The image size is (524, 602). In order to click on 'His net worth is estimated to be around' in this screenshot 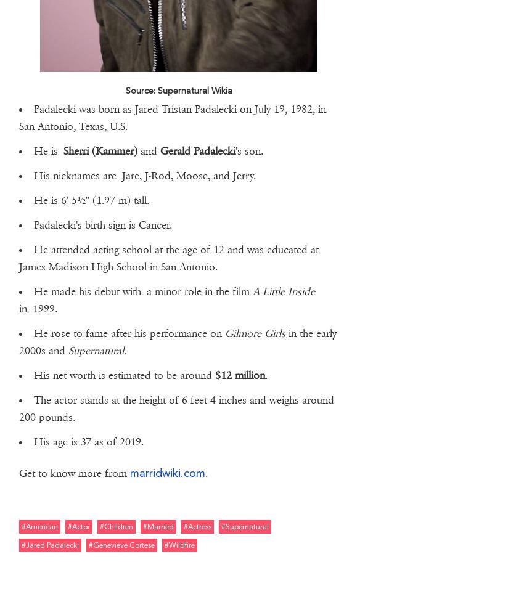, I will do `click(123, 374)`.